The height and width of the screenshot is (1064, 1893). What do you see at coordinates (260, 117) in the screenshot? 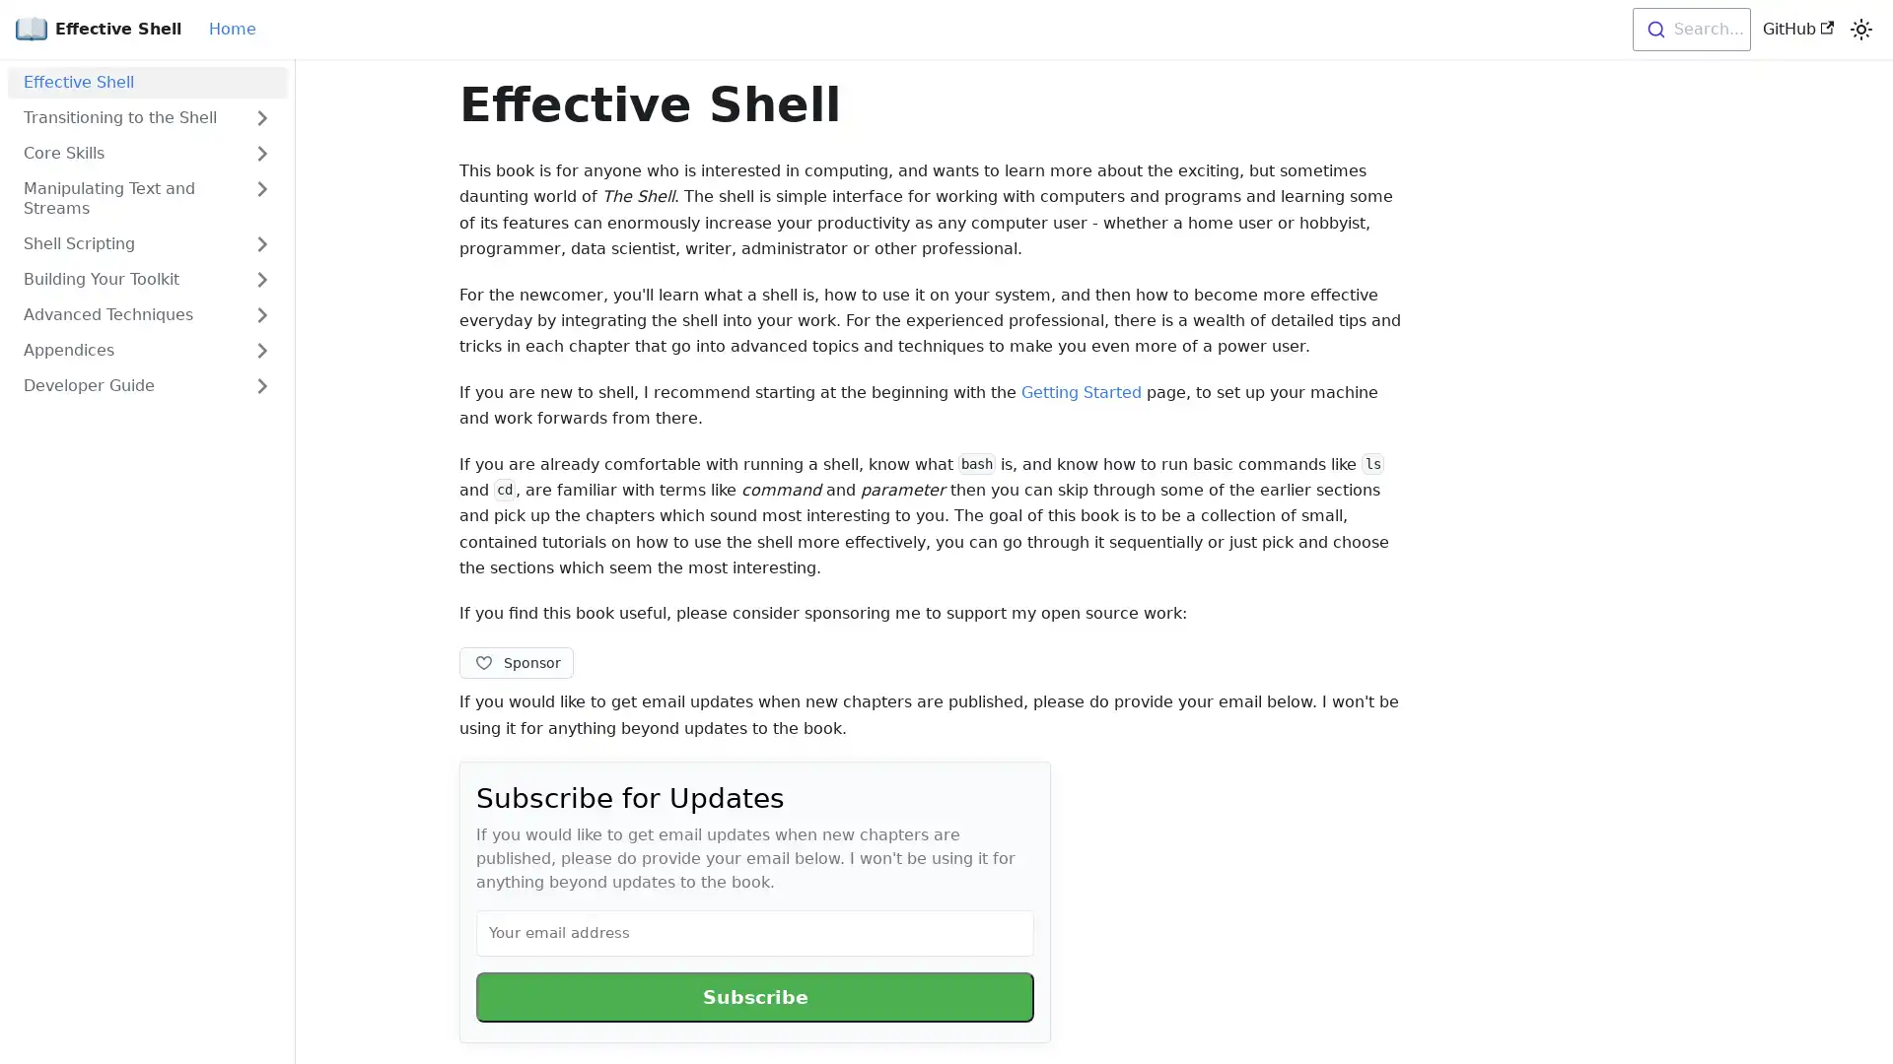
I see `Toggle the collapsible sidebar category 'Transitioning to the Shell'` at bounding box center [260, 117].